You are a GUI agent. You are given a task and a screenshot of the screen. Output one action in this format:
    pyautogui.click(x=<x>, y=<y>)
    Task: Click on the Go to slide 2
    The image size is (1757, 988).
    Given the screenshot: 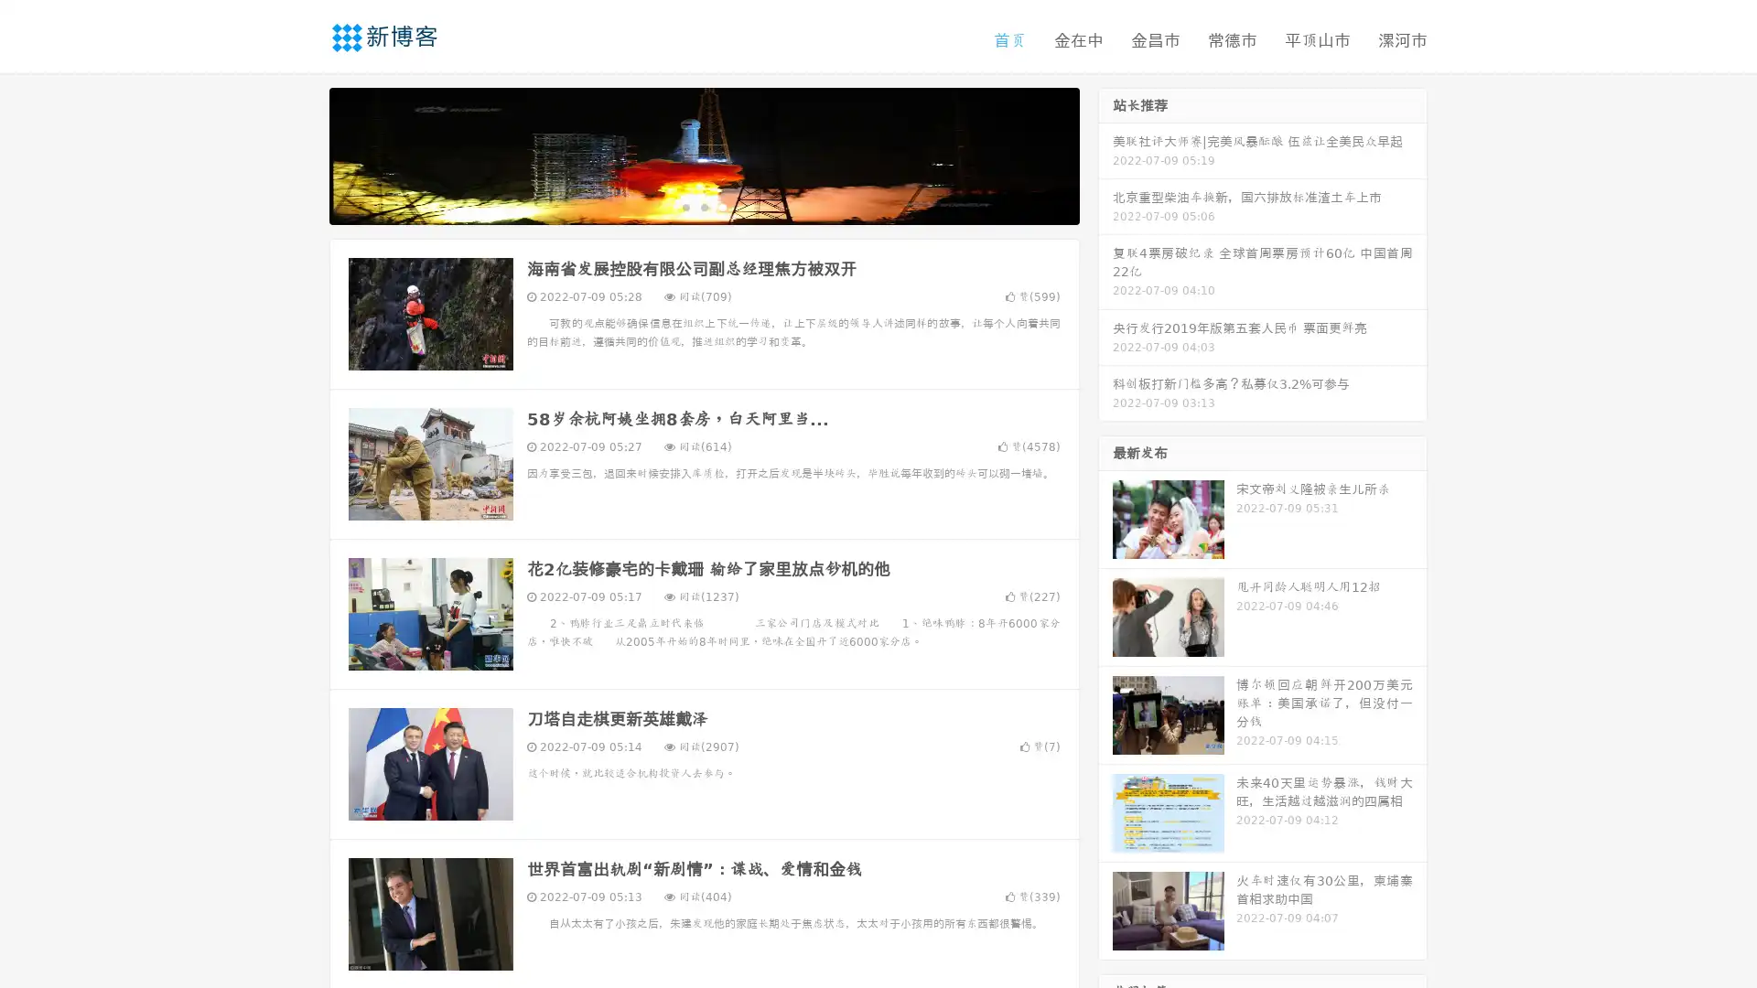 What is the action you would take?
    pyautogui.click(x=703, y=206)
    